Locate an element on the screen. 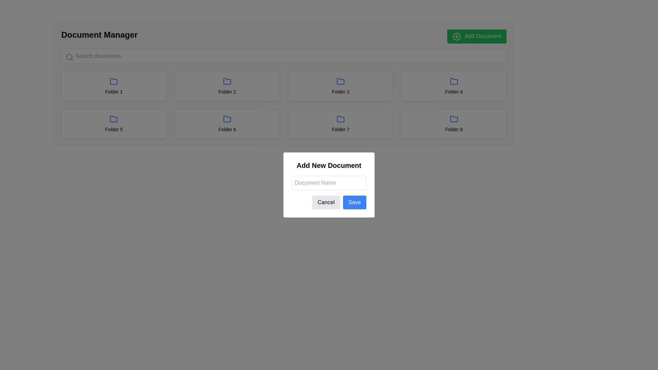  the blue folder icon that represents 'Folder 5' is located at coordinates (114, 119).